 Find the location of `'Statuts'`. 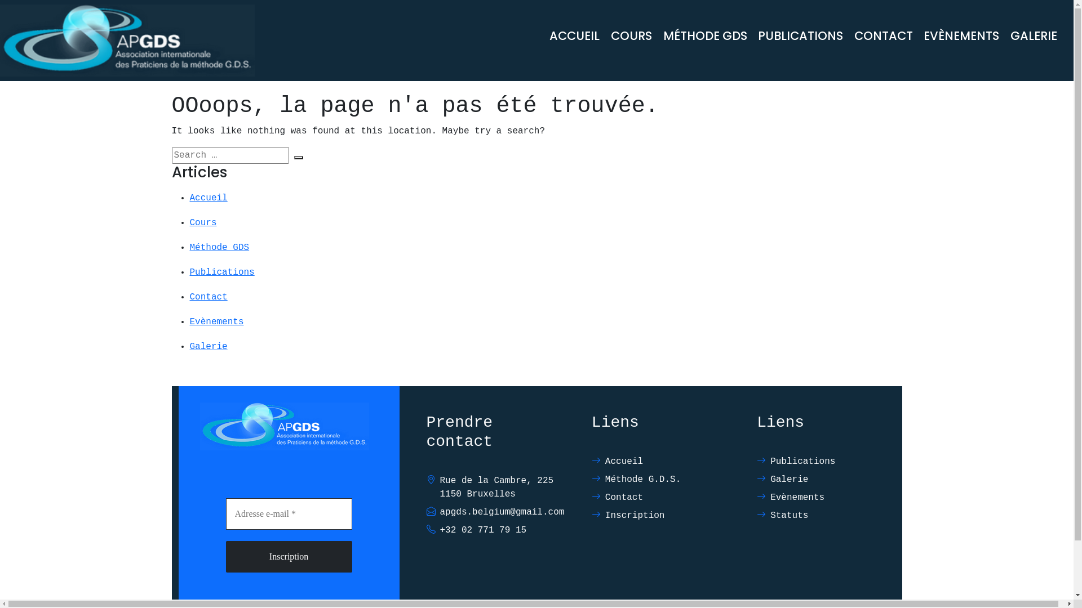

'Statuts' is located at coordinates (826, 515).